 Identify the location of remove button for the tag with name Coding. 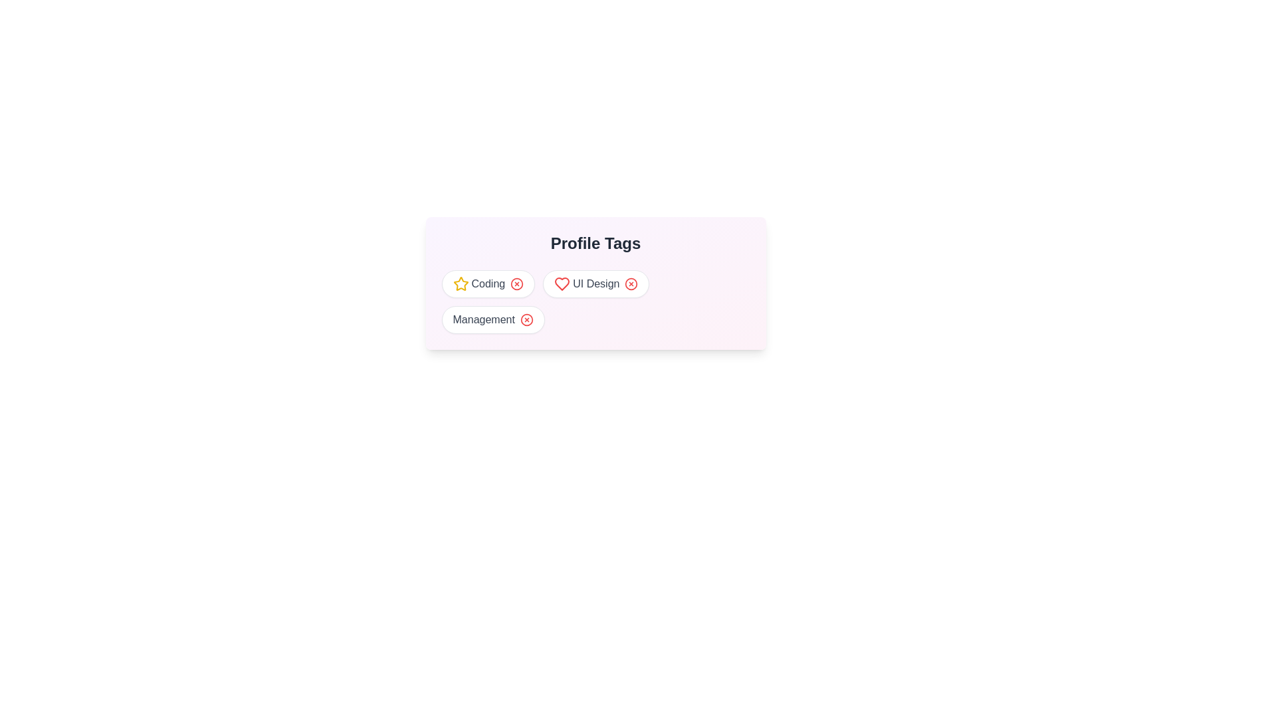
(516, 283).